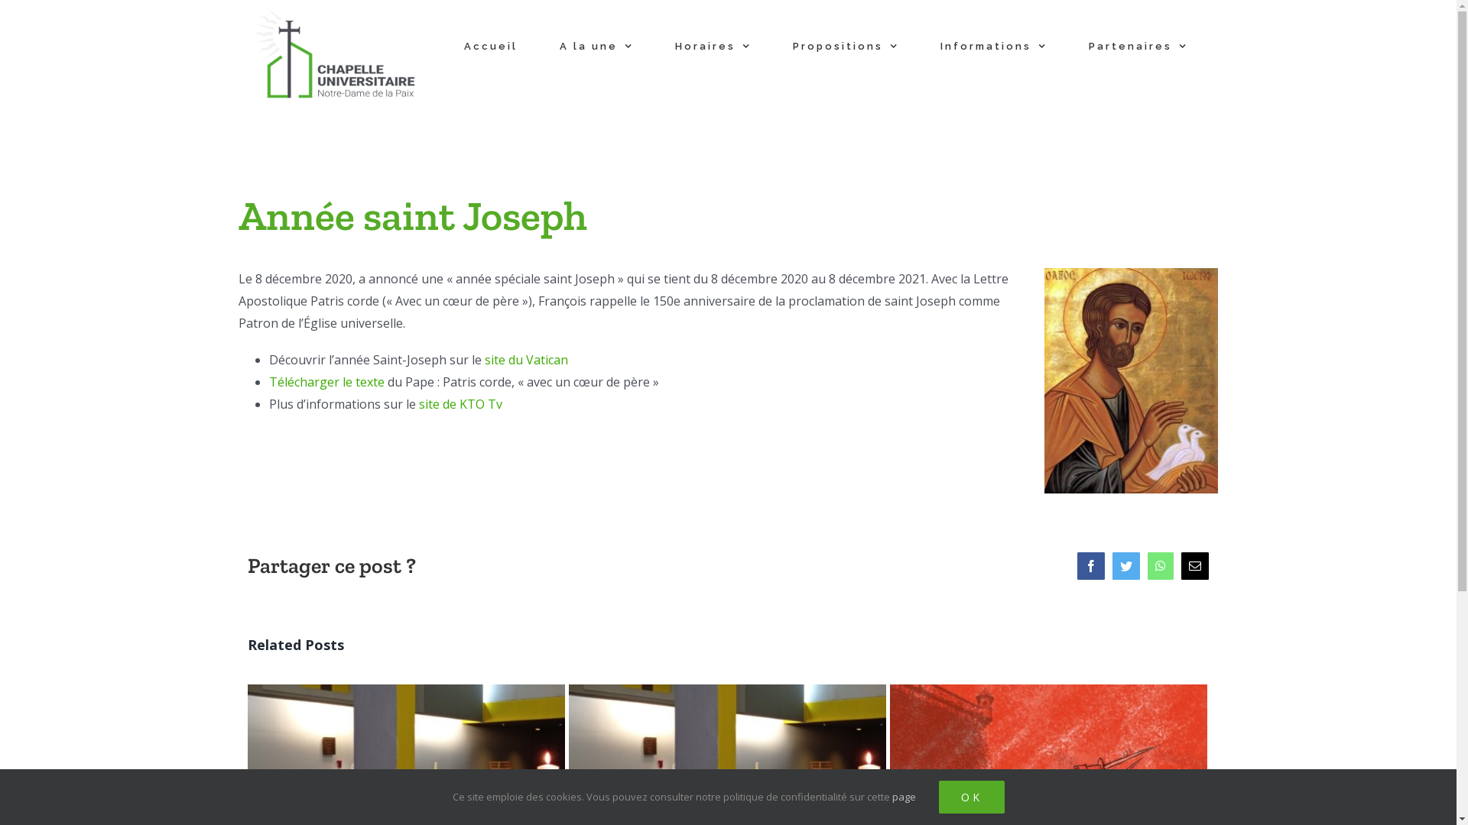 This screenshot has height=825, width=1468. I want to click on 'Twitter', so click(1126, 565).